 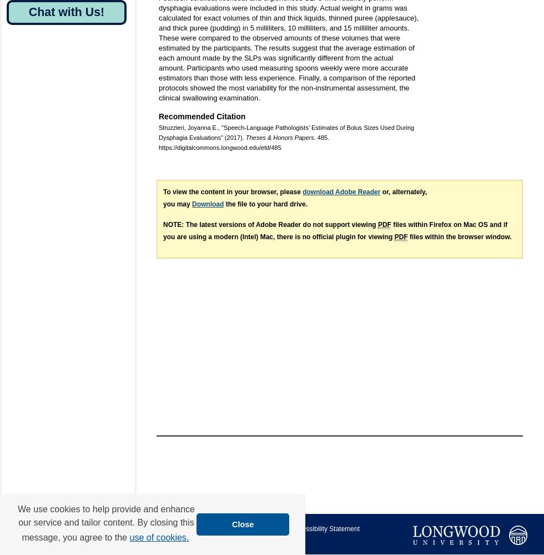 I want to click on 'you may', so click(x=163, y=203).